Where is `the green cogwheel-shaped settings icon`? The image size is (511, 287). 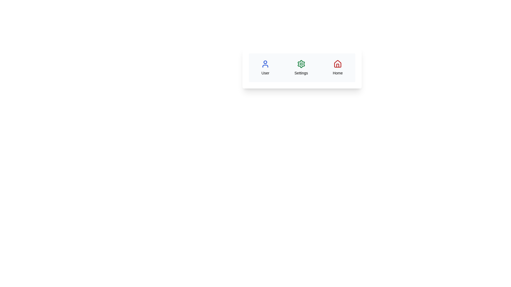
the green cogwheel-shaped settings icon is located at coordinates (301, 64).